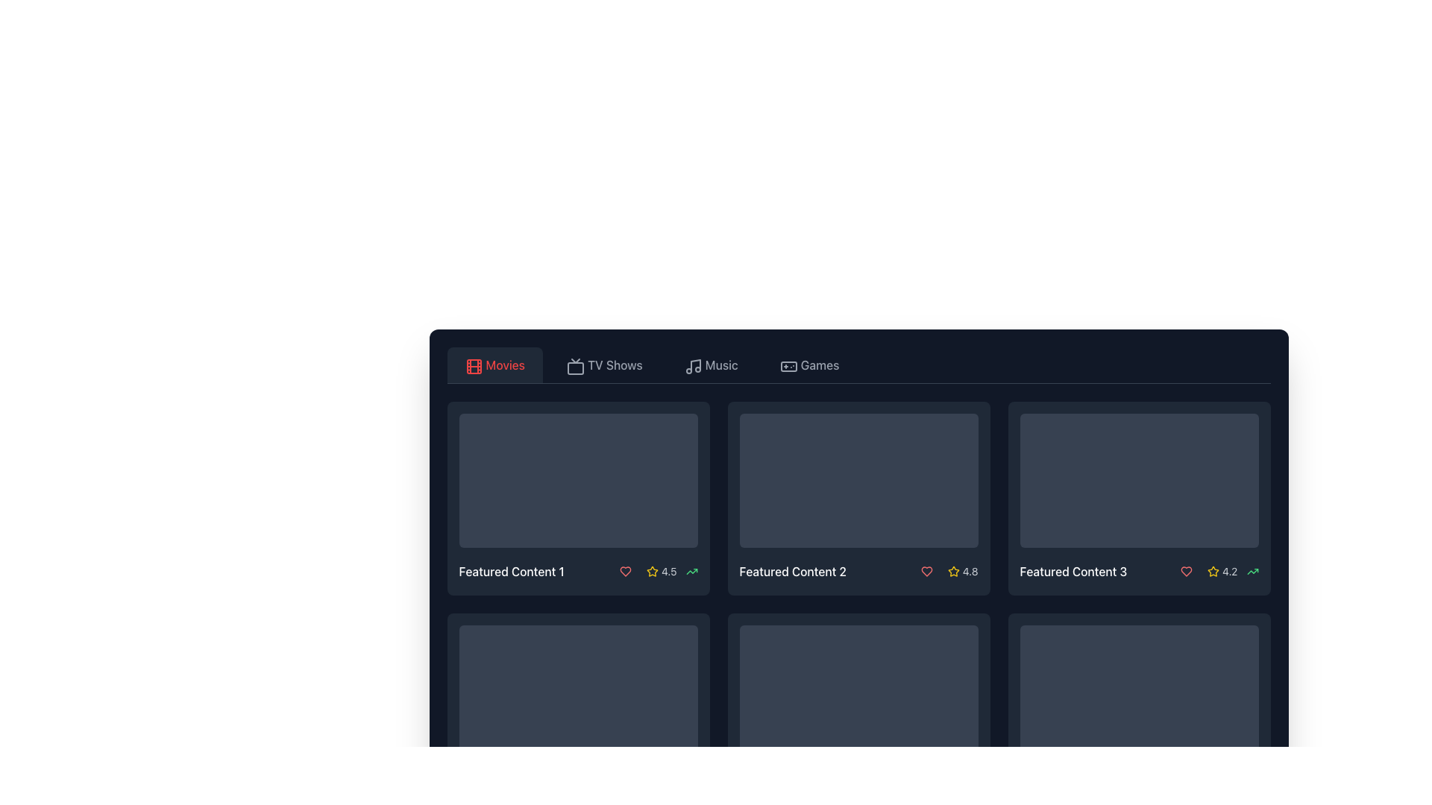 The height and width of the screenshot is (805, 1432). What do you see at coordinates (858, 480) in the screenshot?
I see `the graphic or decorative component located centrally in the 'Featured Content 2' section of the grid layout` at bounding box center [858, 480].